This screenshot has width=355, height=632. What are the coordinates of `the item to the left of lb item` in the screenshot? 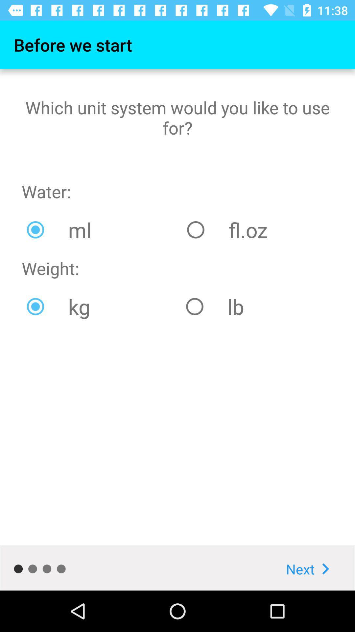 It's located at (101, 306).